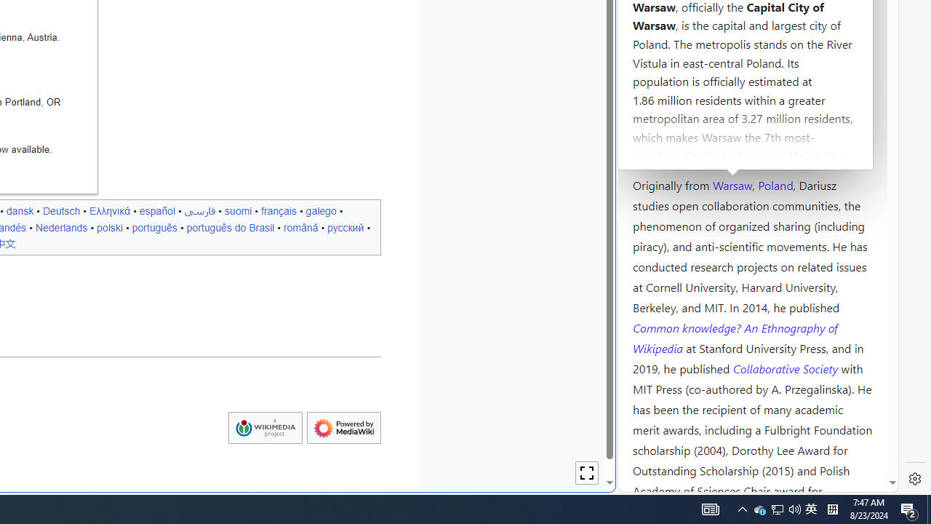  Describe the element at coordinates (238, 210) in the screenshot. I see `'suomi'` at that location.